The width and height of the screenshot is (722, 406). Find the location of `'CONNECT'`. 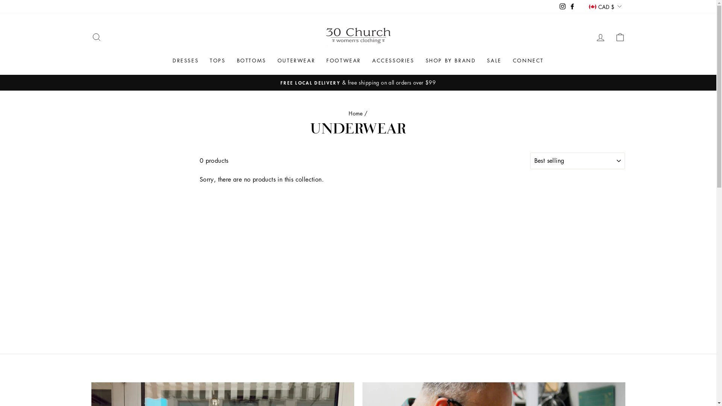

'CONNECT' is located at coordinates (528, 61).